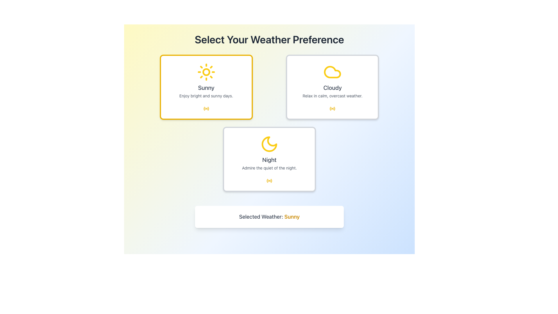  Describe the element at coordinates (269, 180) in the screenshot. I see `the selection indicator icon for the 'Night' option, which is located at the bottom center of the 'Night' card, following the text 'Admire the quiet of the night'` at that location.